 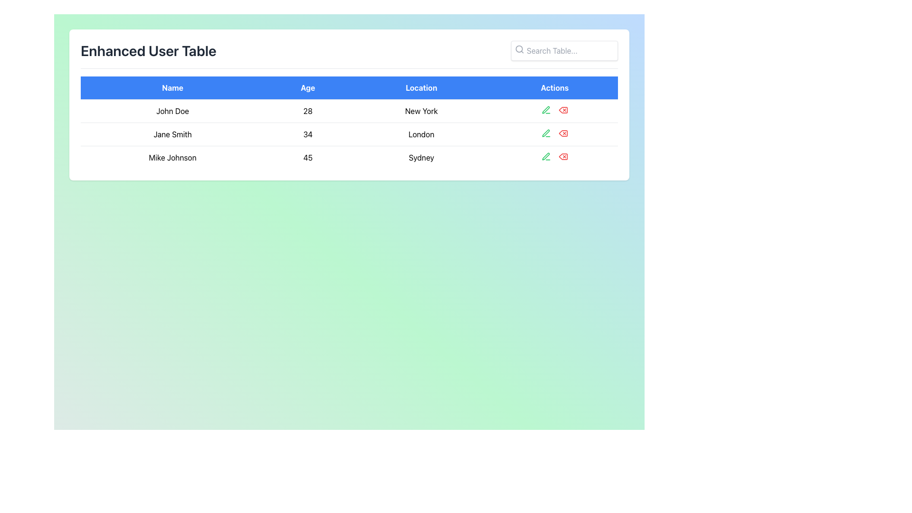 What do you see at coordinates (148, 51) in the screenshot?
I see `text from the Text Label positioned at the top-left corner above the table interface` at bounding box center [148, 51].